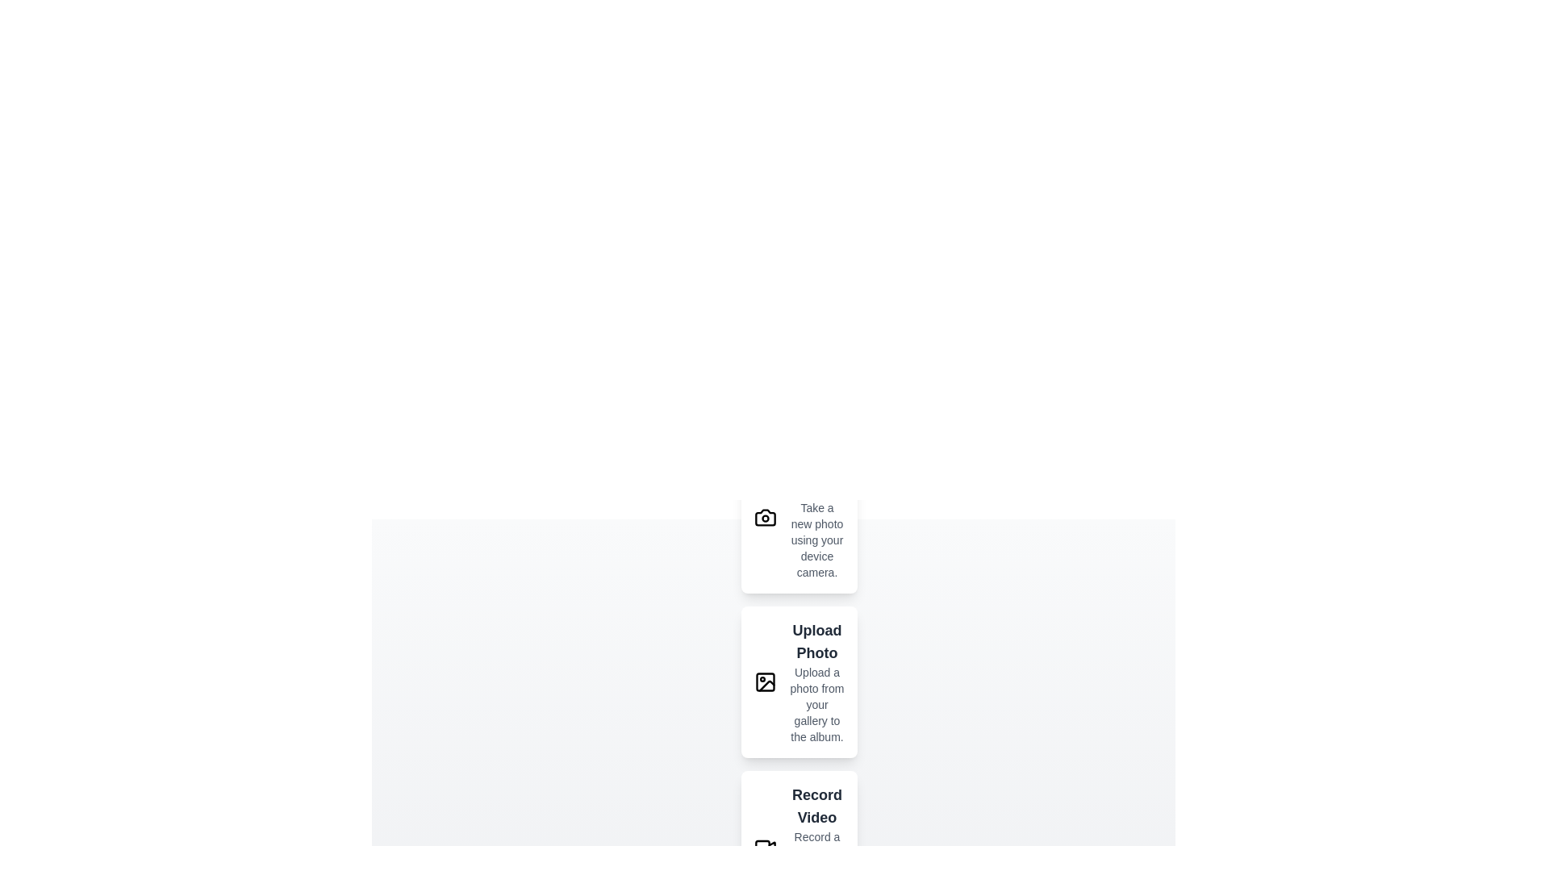 The image size is (1549, 871). Describe the element at coordinates (765, 845) in the screenshot. I see `the option Record Video to perform the corresponding action` at that location.